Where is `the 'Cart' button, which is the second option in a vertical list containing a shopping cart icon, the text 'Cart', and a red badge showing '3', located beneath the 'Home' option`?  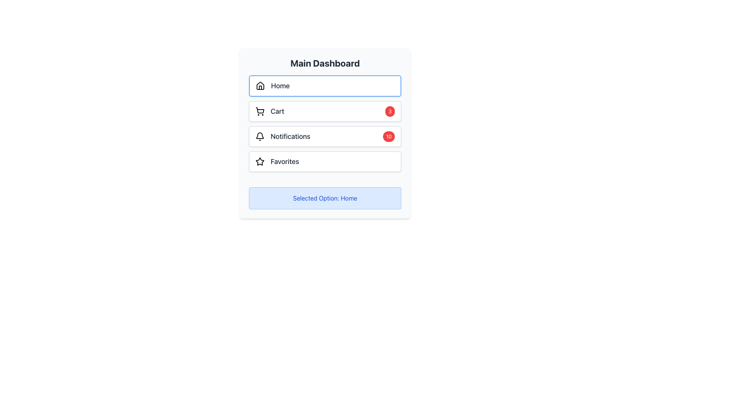
the 'Cart' button, which is the second option in a vertical list containing a shopping cart icon, the text 'Cart', and a red badge showing '3', located beneath the 'Home' option is located at coordinates (325, 112).